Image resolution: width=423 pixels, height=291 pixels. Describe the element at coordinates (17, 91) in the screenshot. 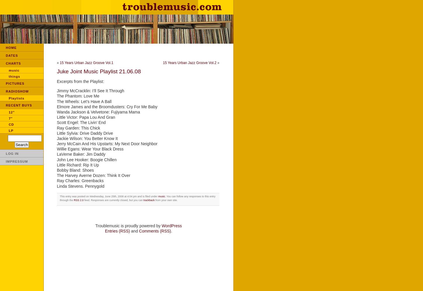

I see `'Radioshow'` at that location.